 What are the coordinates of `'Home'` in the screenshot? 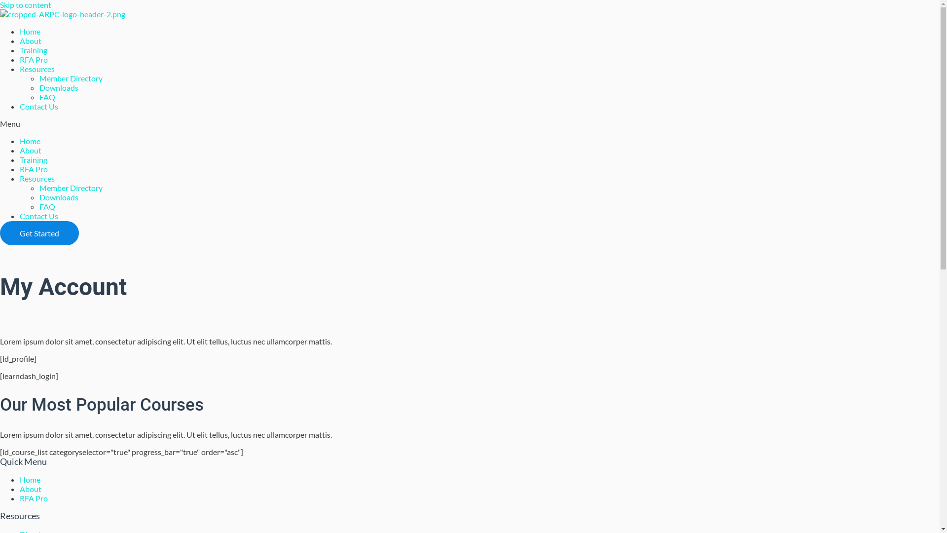 It's located at (30, 31).